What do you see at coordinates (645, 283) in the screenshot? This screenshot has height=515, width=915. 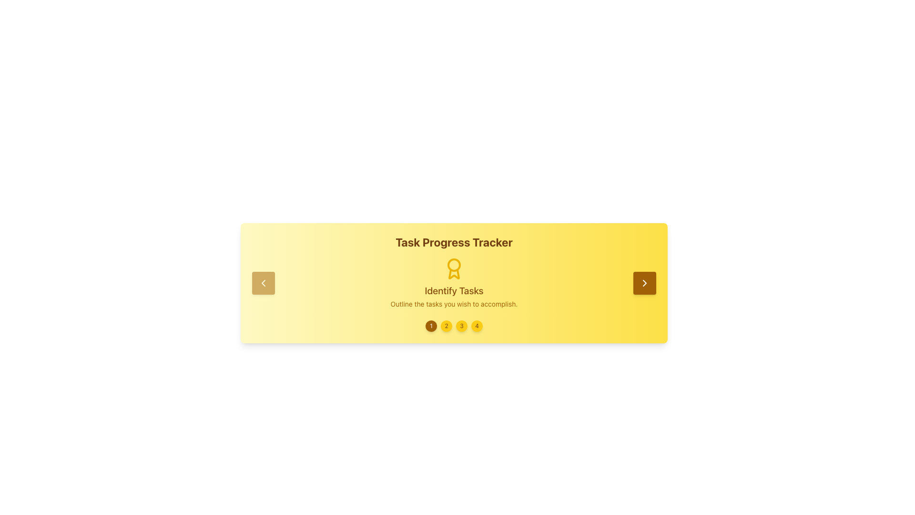 I see `the chevron icon located in the right corner of the task progress tracker` at bounding box center [645, 283].